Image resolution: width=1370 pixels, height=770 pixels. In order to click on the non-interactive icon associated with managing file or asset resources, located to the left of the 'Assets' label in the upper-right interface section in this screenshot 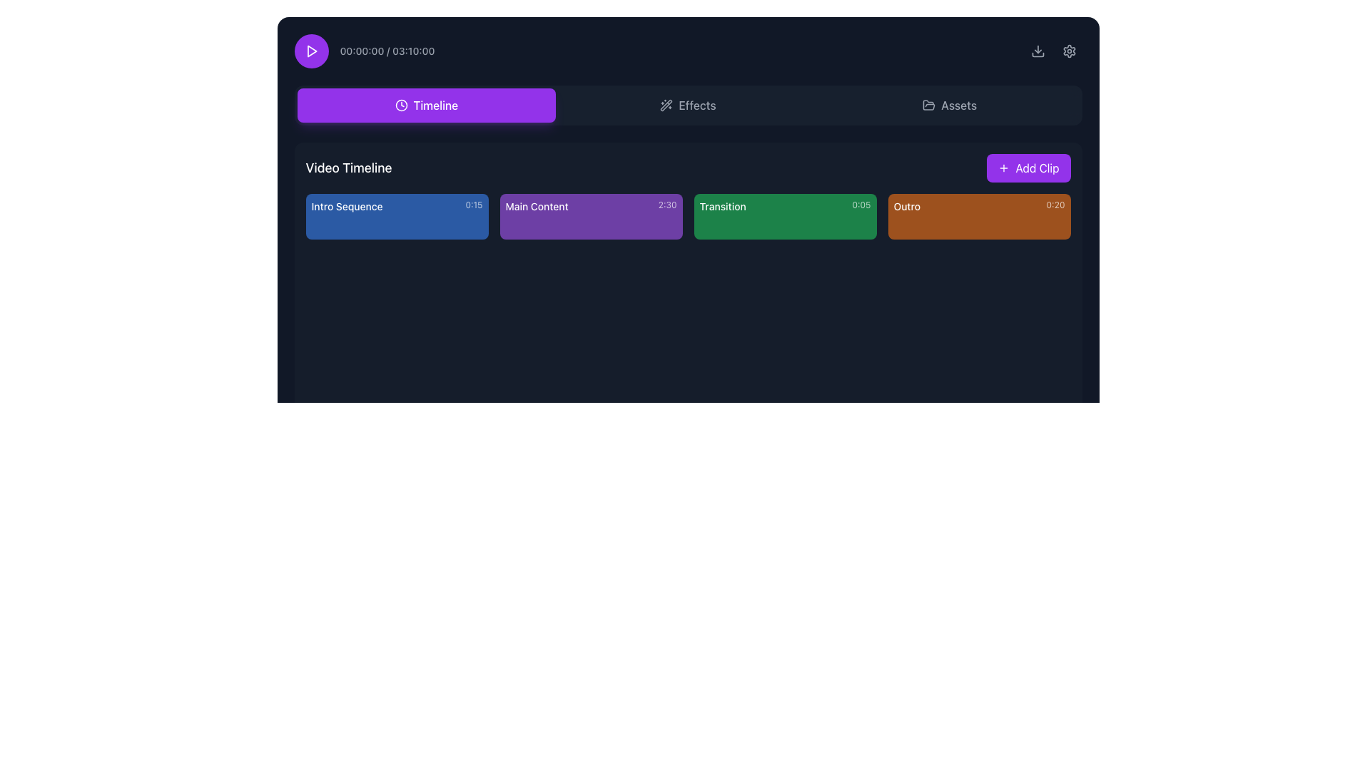, I will do `click(929, 104)`.